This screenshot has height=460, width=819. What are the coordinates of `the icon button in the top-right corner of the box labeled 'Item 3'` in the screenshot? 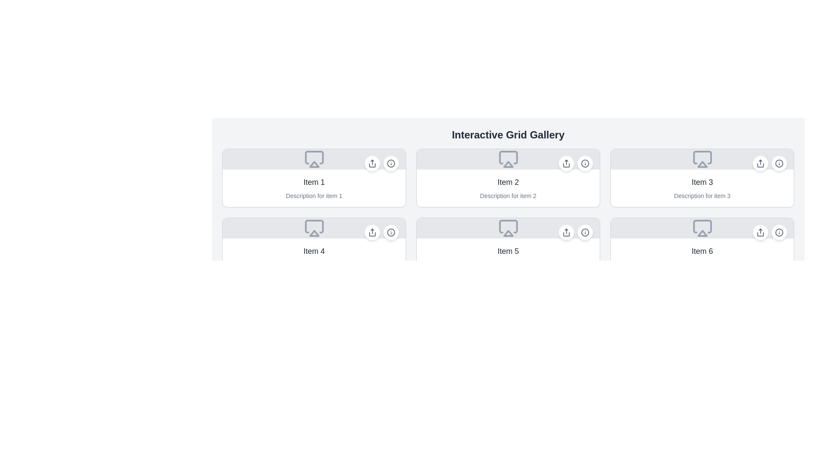 It's located at (779, 164).